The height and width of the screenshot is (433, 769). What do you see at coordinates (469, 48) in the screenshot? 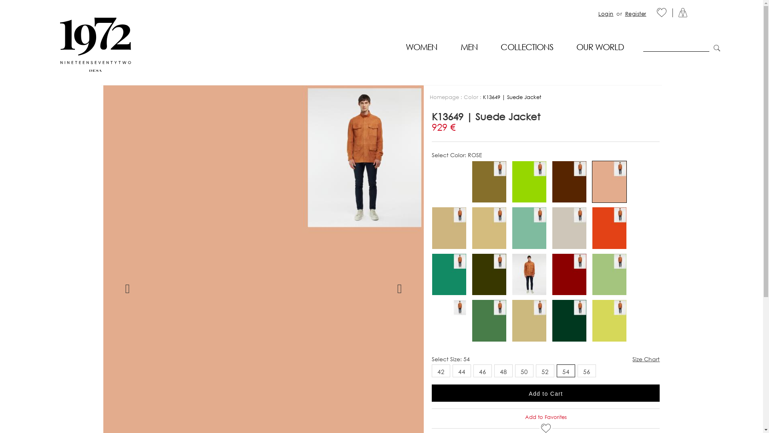
I see `'MEN'` at bounding box center [469, 48].